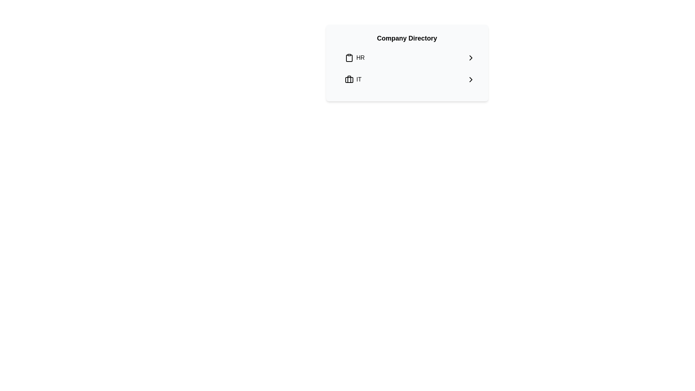  What do you see at coordinates (349, 58) in the screenshot?
I see `the decorative 'HR' icon located to the left of the text 'HR' in the 'Company Directory' section` at bounding box center [349, 58].